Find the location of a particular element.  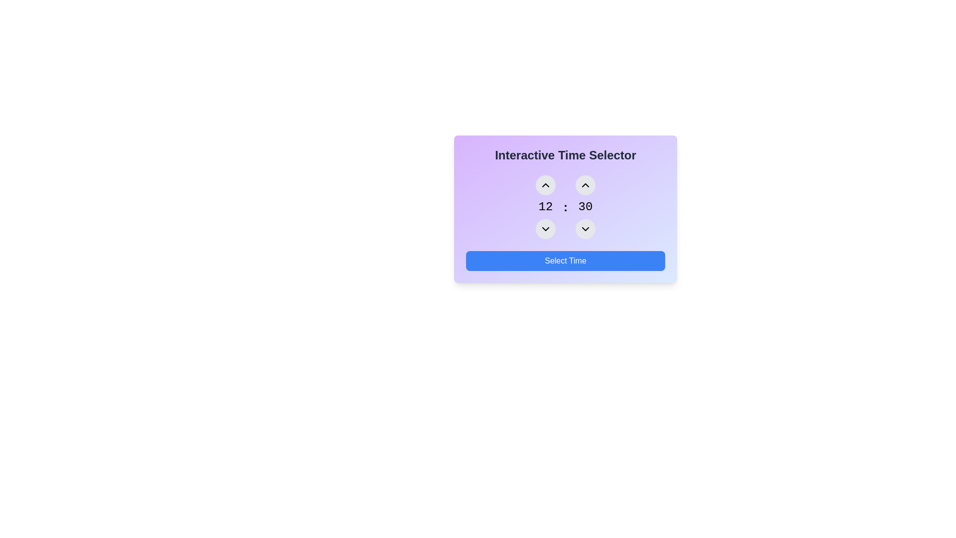

the 'Select Time' button with a blue background and white text to confirm the selected time is located at coordinates (566, 261).